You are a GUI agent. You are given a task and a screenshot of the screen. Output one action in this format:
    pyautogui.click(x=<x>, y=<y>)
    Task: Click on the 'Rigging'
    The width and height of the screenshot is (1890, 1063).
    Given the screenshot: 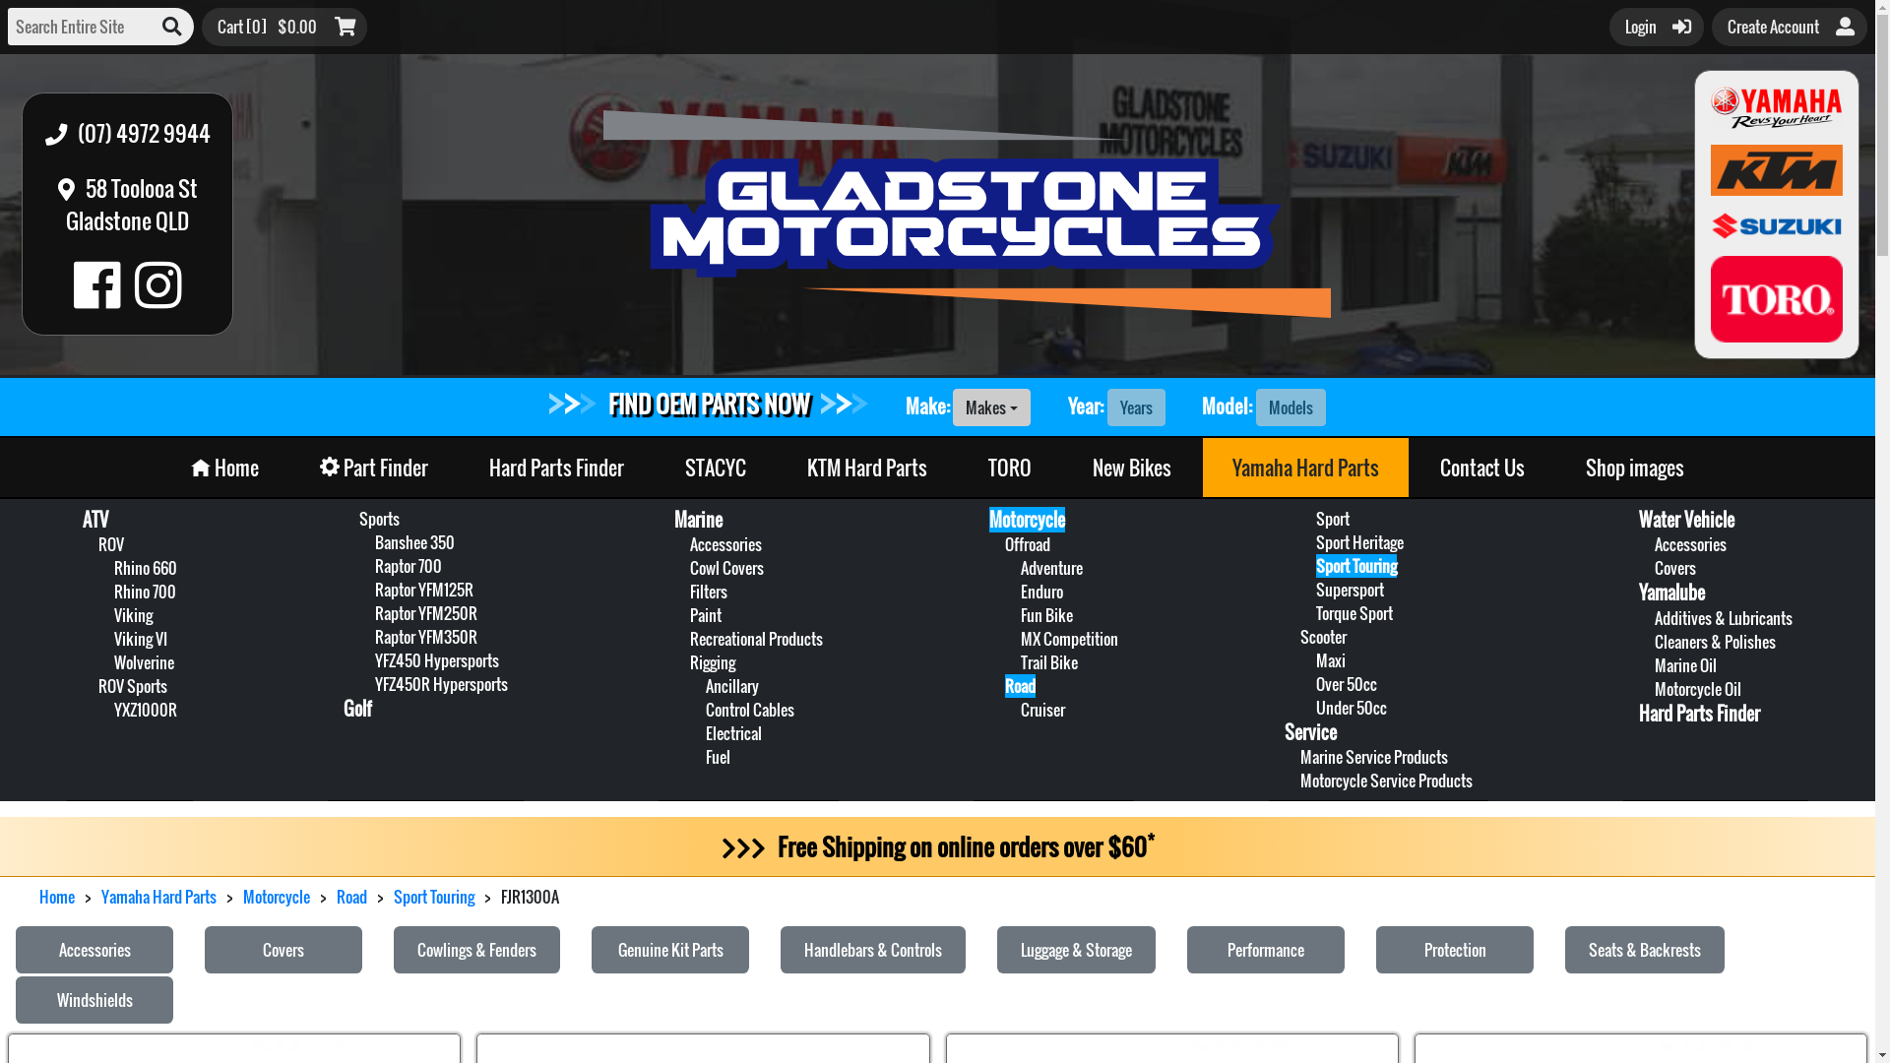 What is the action you would take?
    pyautogui.click(x=712, y=661)
    